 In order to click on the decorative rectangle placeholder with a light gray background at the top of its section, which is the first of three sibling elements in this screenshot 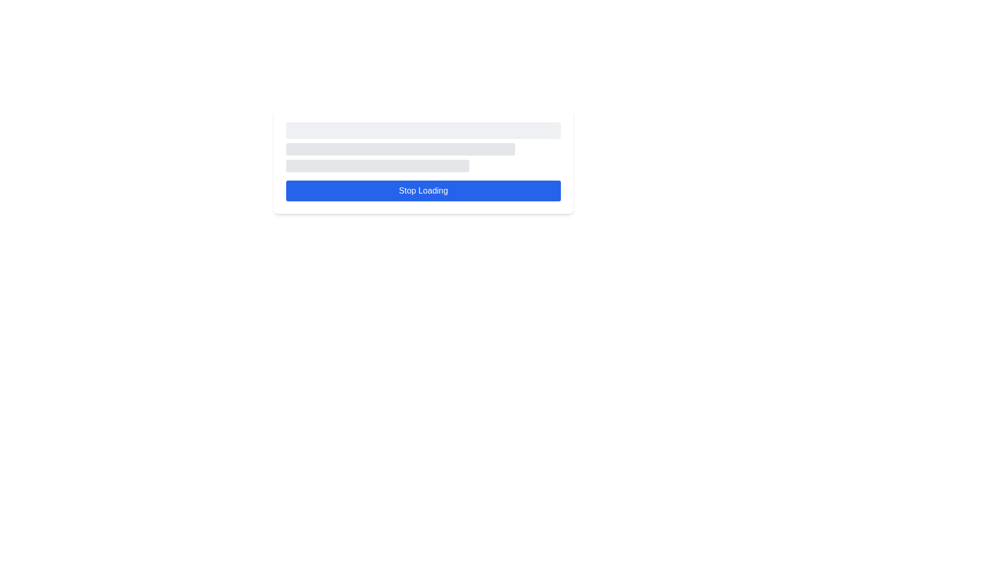, I will do `click(424, 130)`.